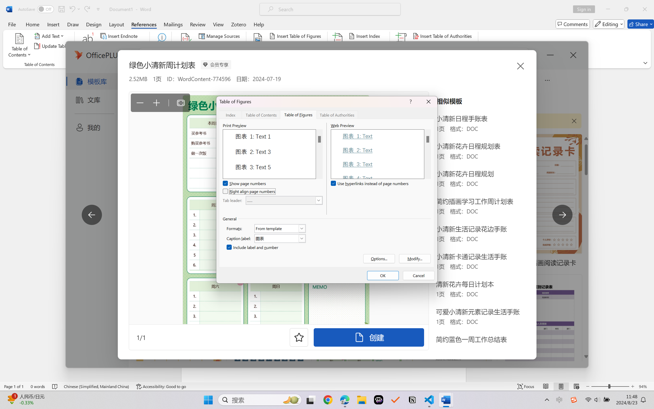 Image resolution: width=654 pixels, height=409 pixels. What do you see at coordinates (231, 114) in the screenshot?
I see `'Index'` at bounding box center [231, 114].